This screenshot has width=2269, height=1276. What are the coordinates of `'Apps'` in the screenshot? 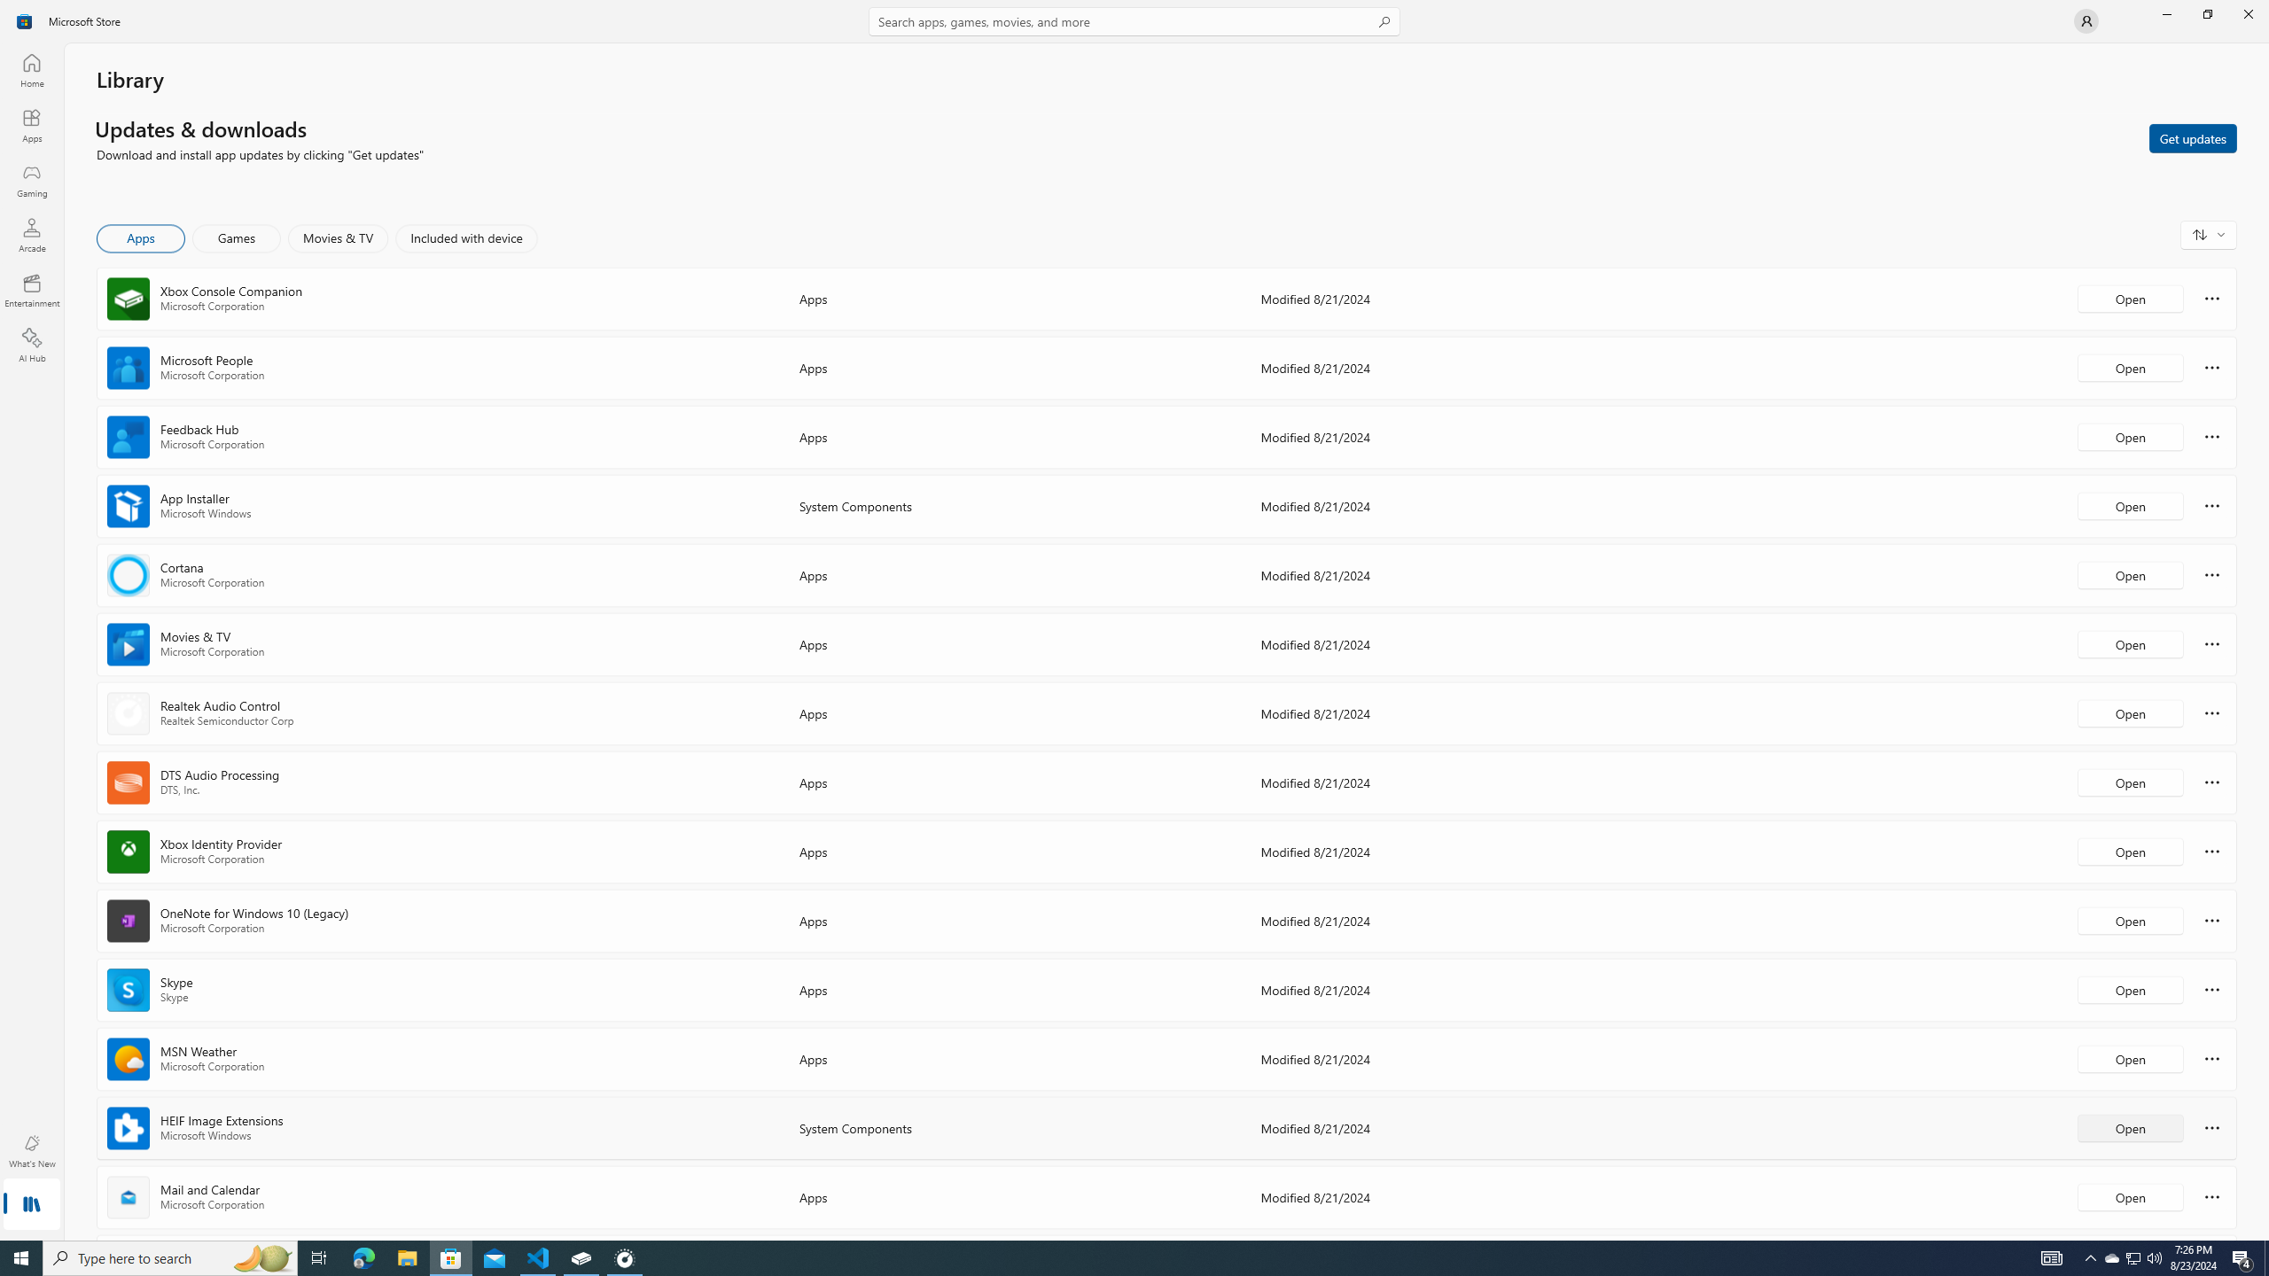 It's located at (30, 125).